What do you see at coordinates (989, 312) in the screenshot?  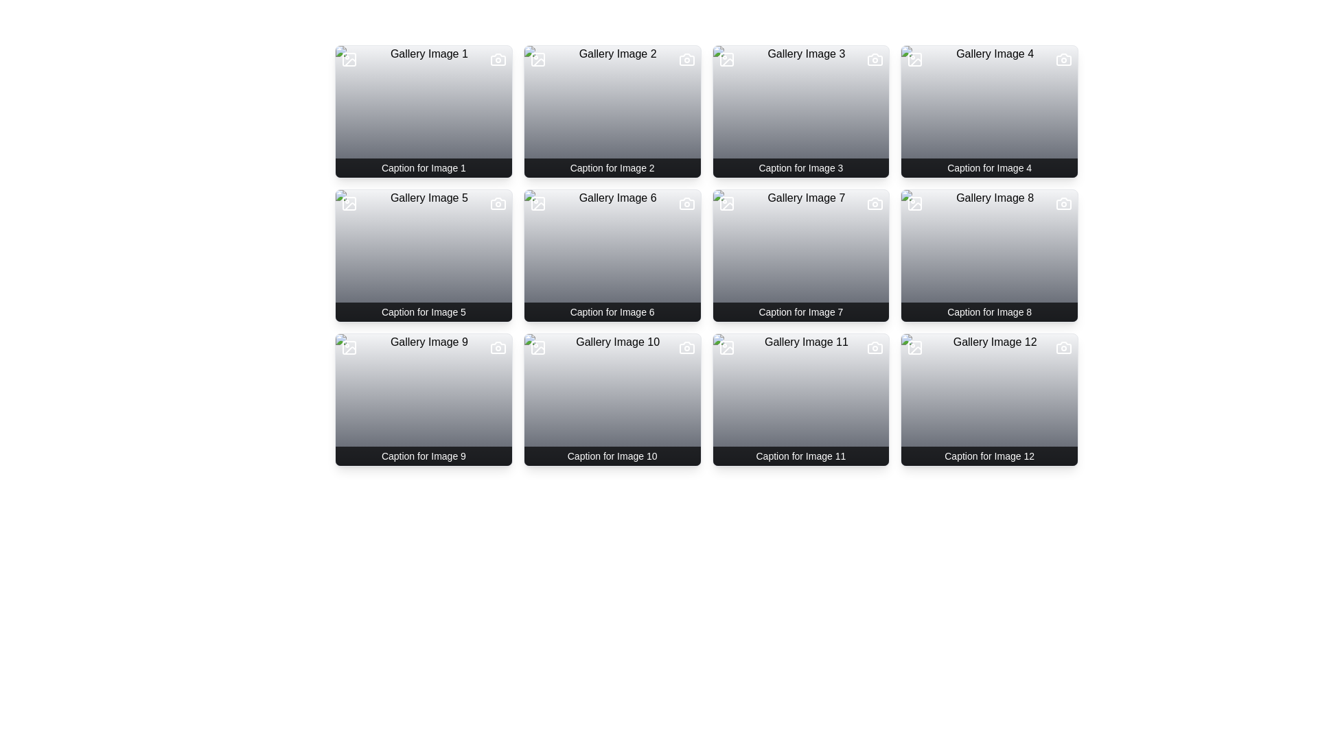 I see `the caption bar at the bottom of the image tile labeled 'Gallery Image 8', which displays the text 'Caption for Image 8'` at bounding box center [989, 312].